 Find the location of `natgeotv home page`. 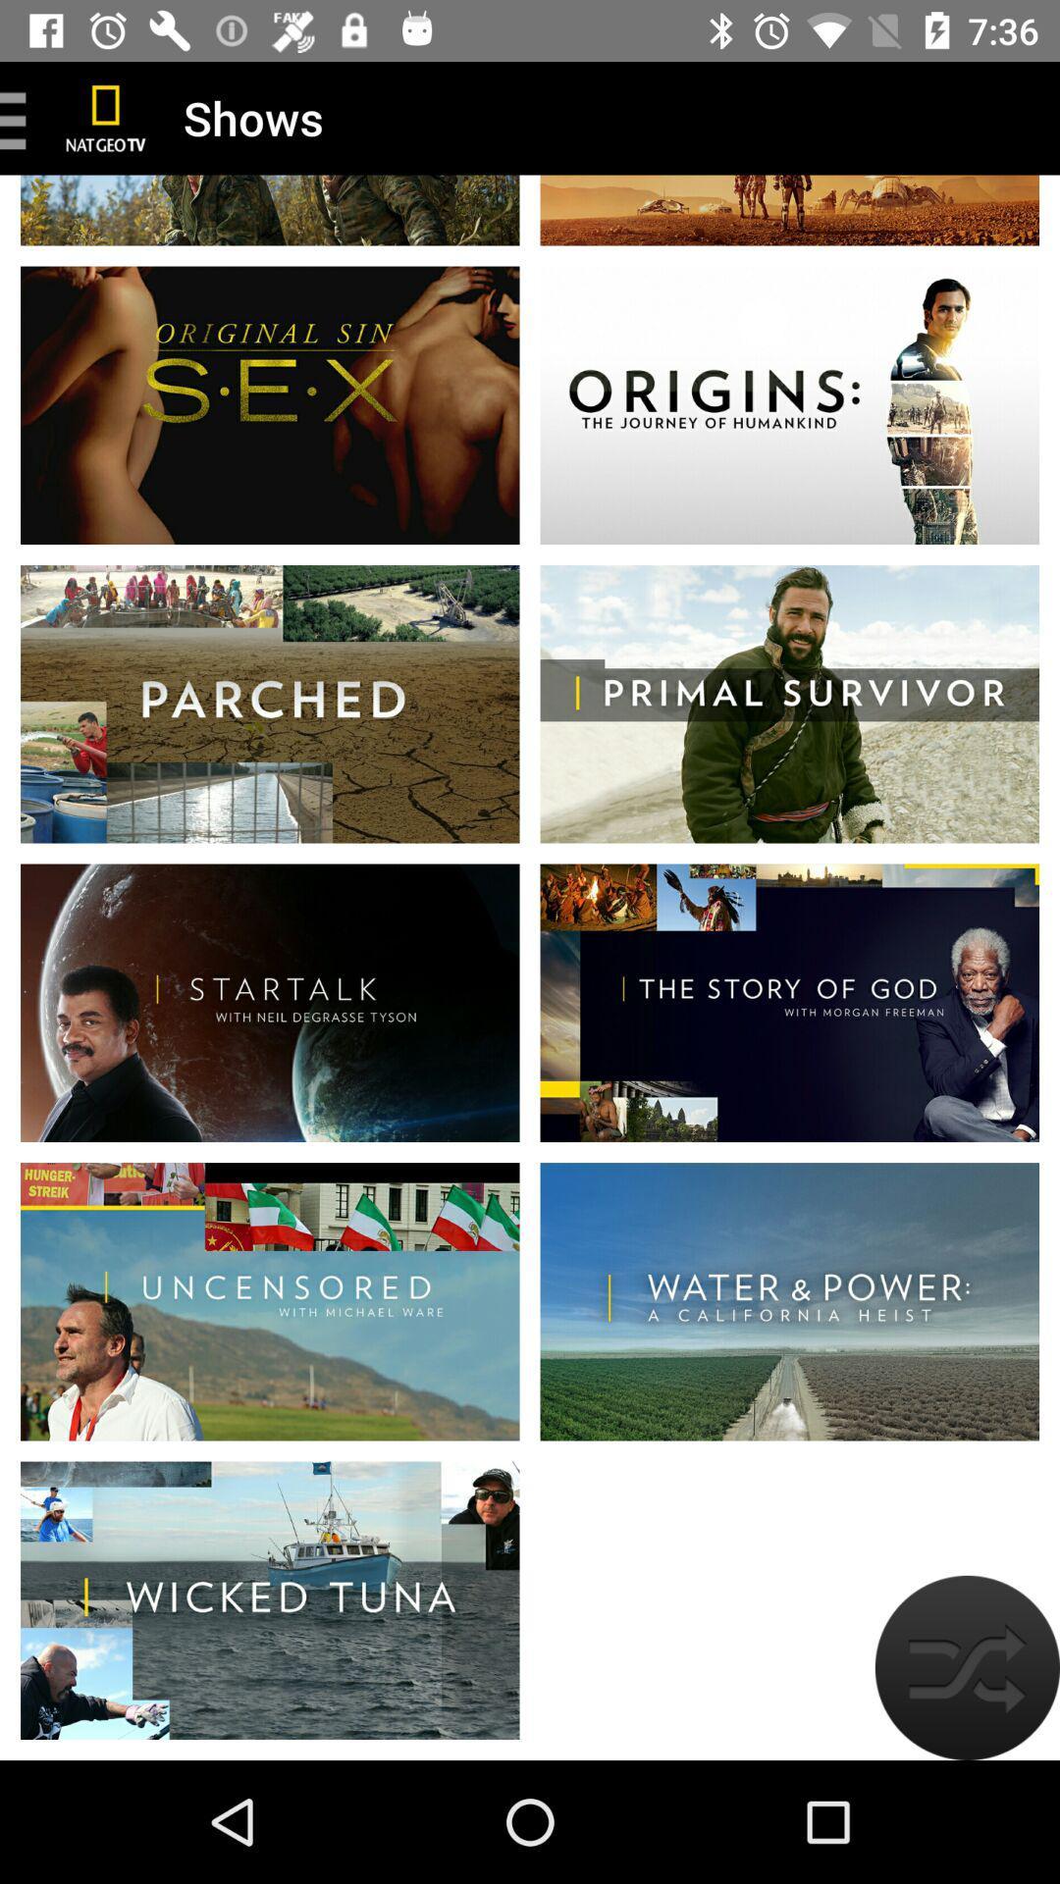

natgeotv home page is located at coordinates (106, 117).